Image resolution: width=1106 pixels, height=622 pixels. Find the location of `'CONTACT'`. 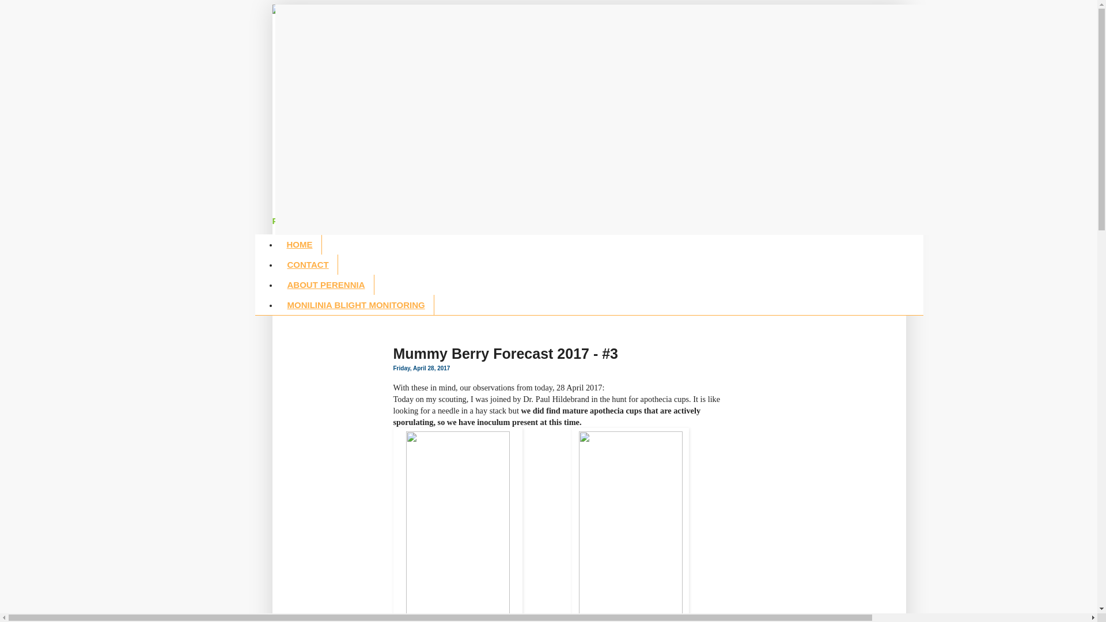

'CONTACT' is located at coordinates (307, 264).